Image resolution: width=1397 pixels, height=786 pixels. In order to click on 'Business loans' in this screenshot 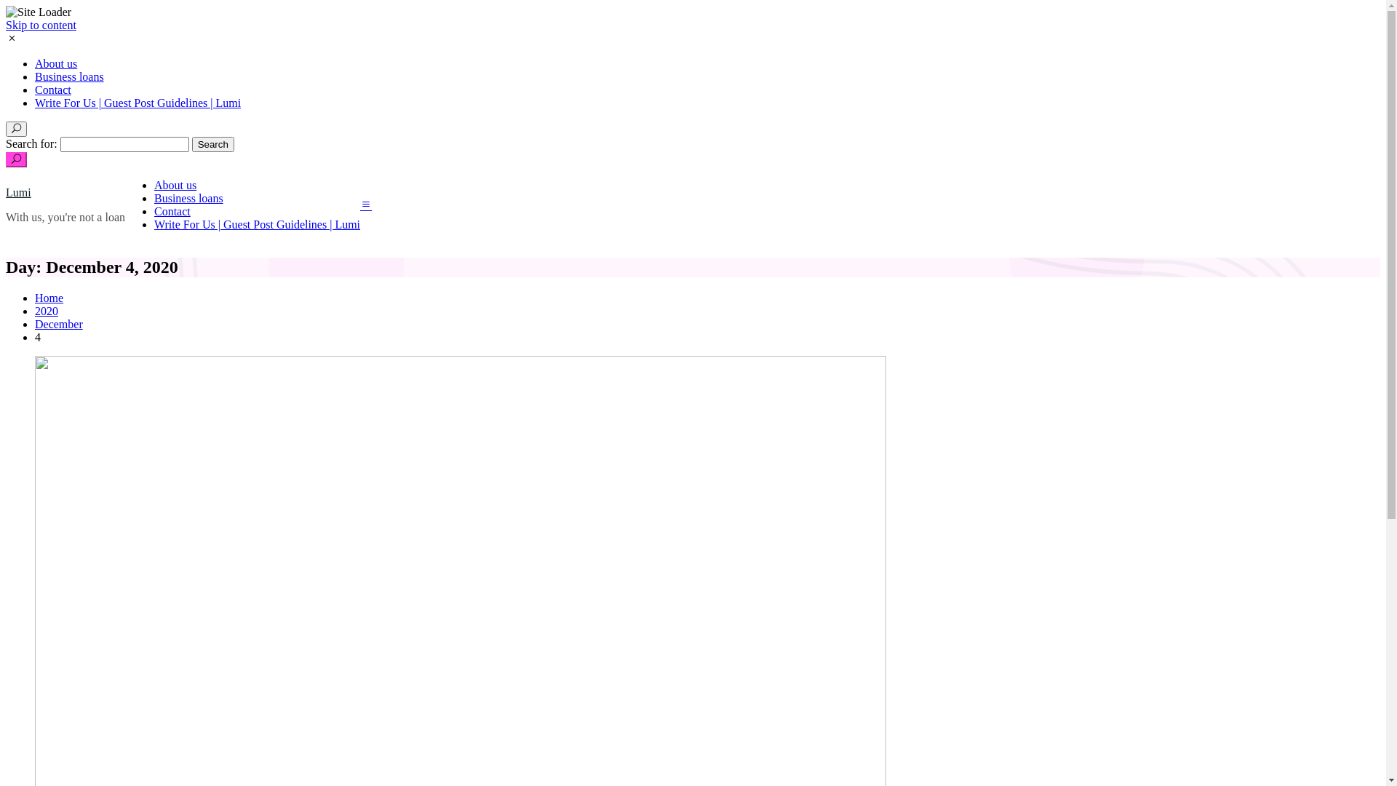, I will do `click(188, 198)`.